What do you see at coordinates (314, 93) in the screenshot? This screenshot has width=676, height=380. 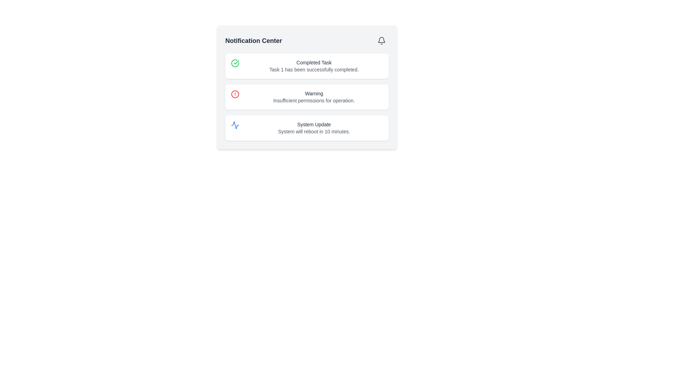 I see `the 'Warning' text label in the Notification Center, which is styled with a medium-sized gray font and is positioned above the message 'Insufficient permissions for operation.'` at bounding box center [314, 93].